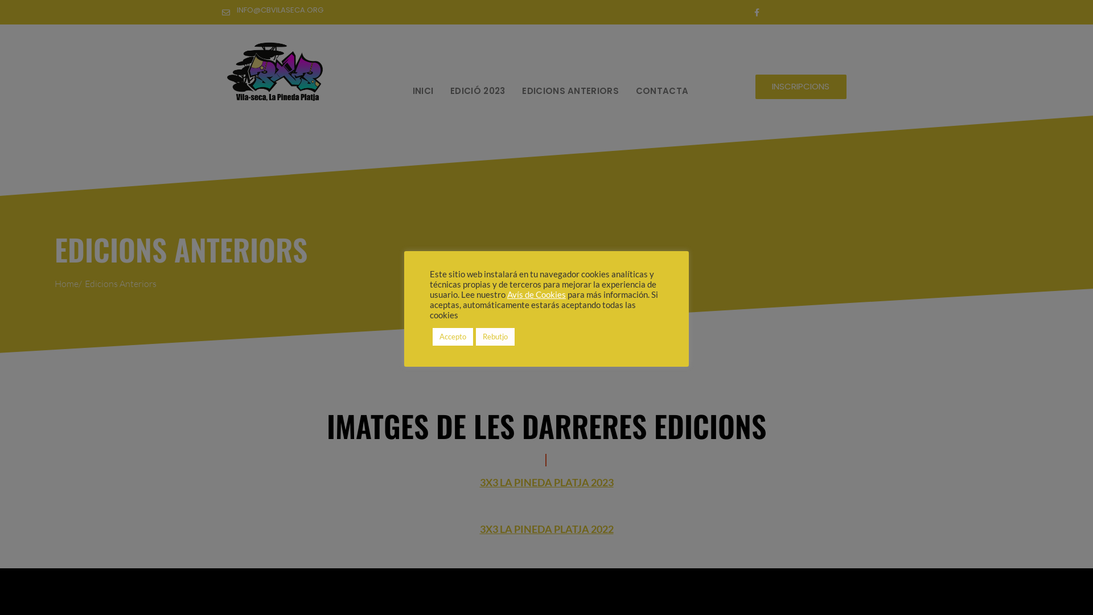 The height and width of the screenshot is (615, 1093). What do you see at coordinates (452, 336) in the screenshot?
I see `'Accepto'` at bounding box center [452, 336].